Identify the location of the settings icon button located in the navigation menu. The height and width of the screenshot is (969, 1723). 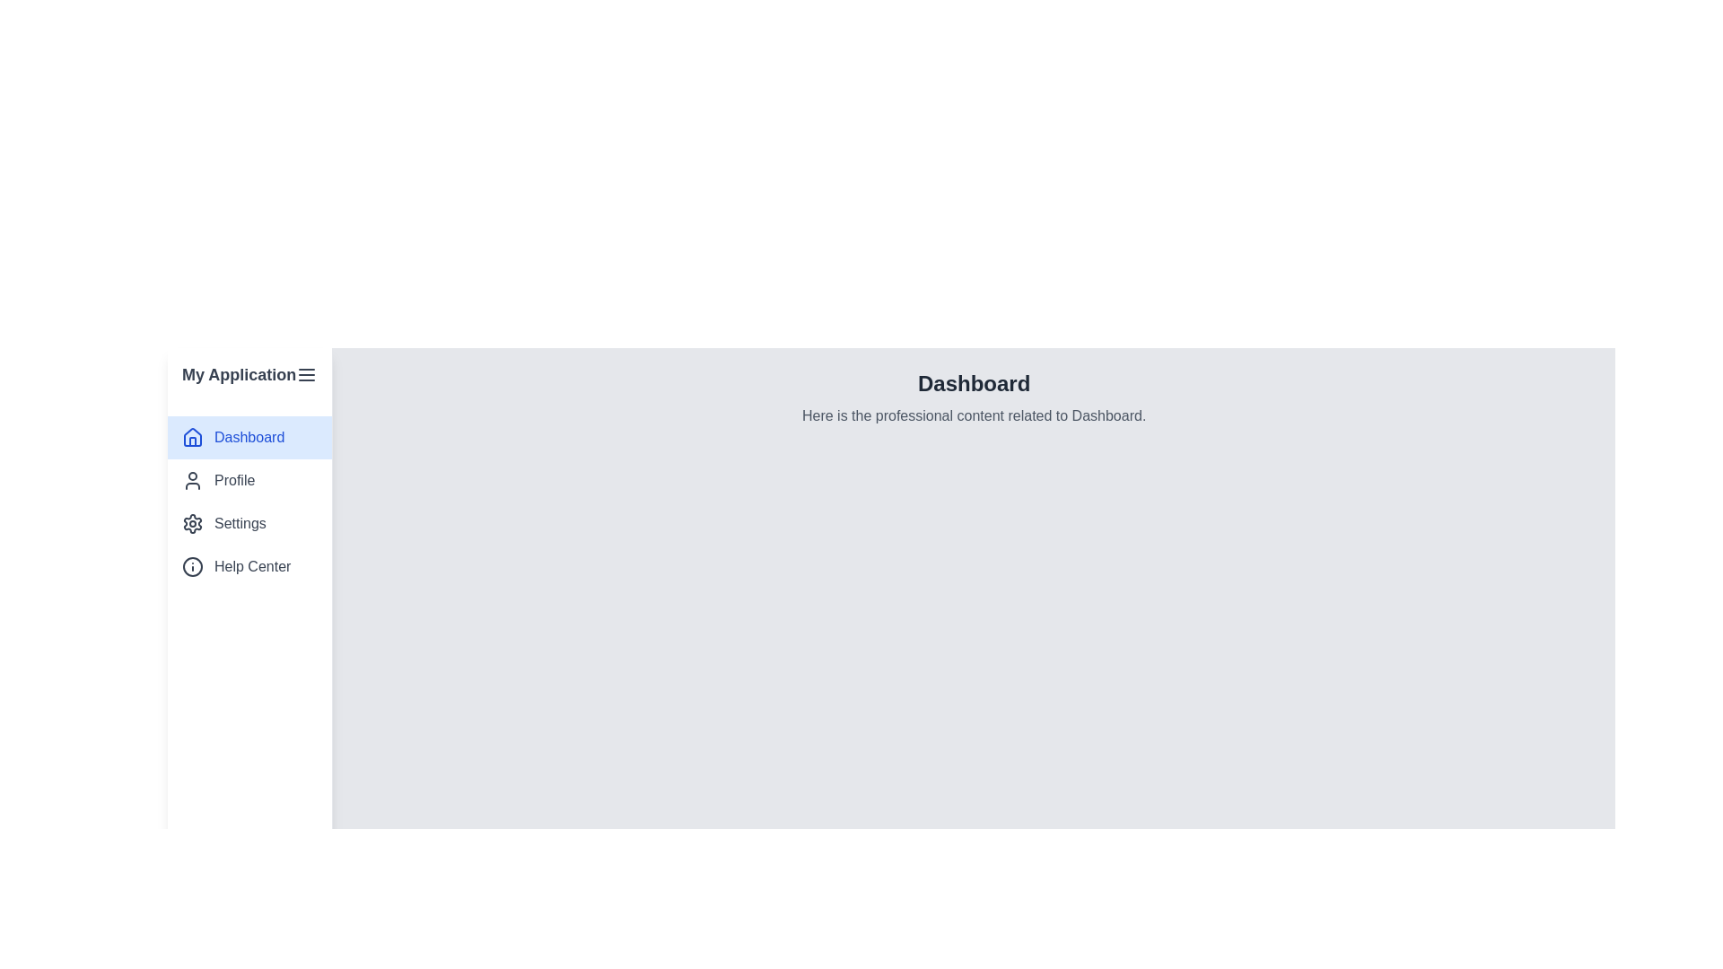
(193, 523).